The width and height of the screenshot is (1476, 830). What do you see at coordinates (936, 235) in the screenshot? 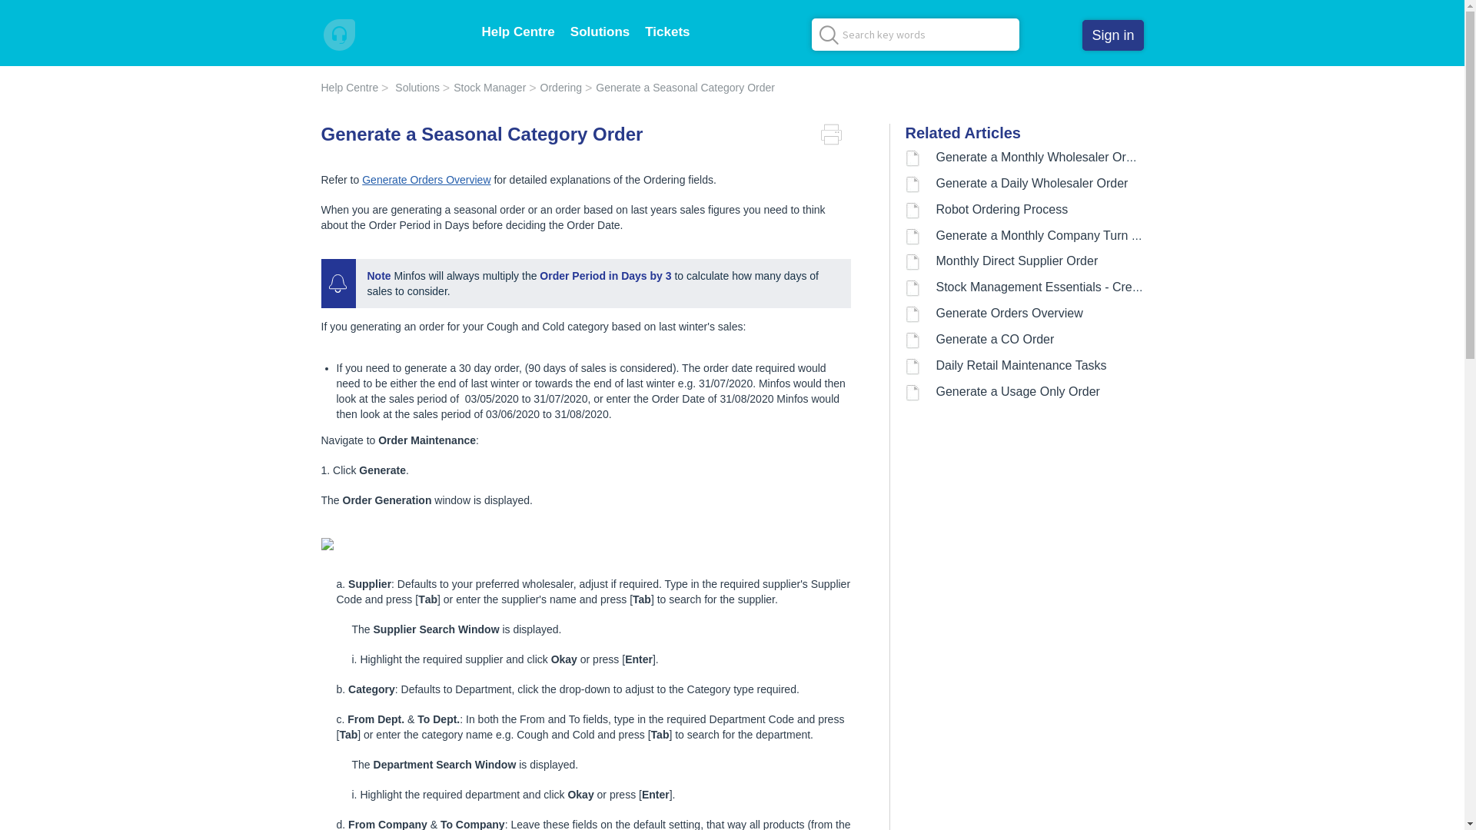
I see `'Generate a Monthly Company Turn Over Order'` at bounding box center [936, 235].